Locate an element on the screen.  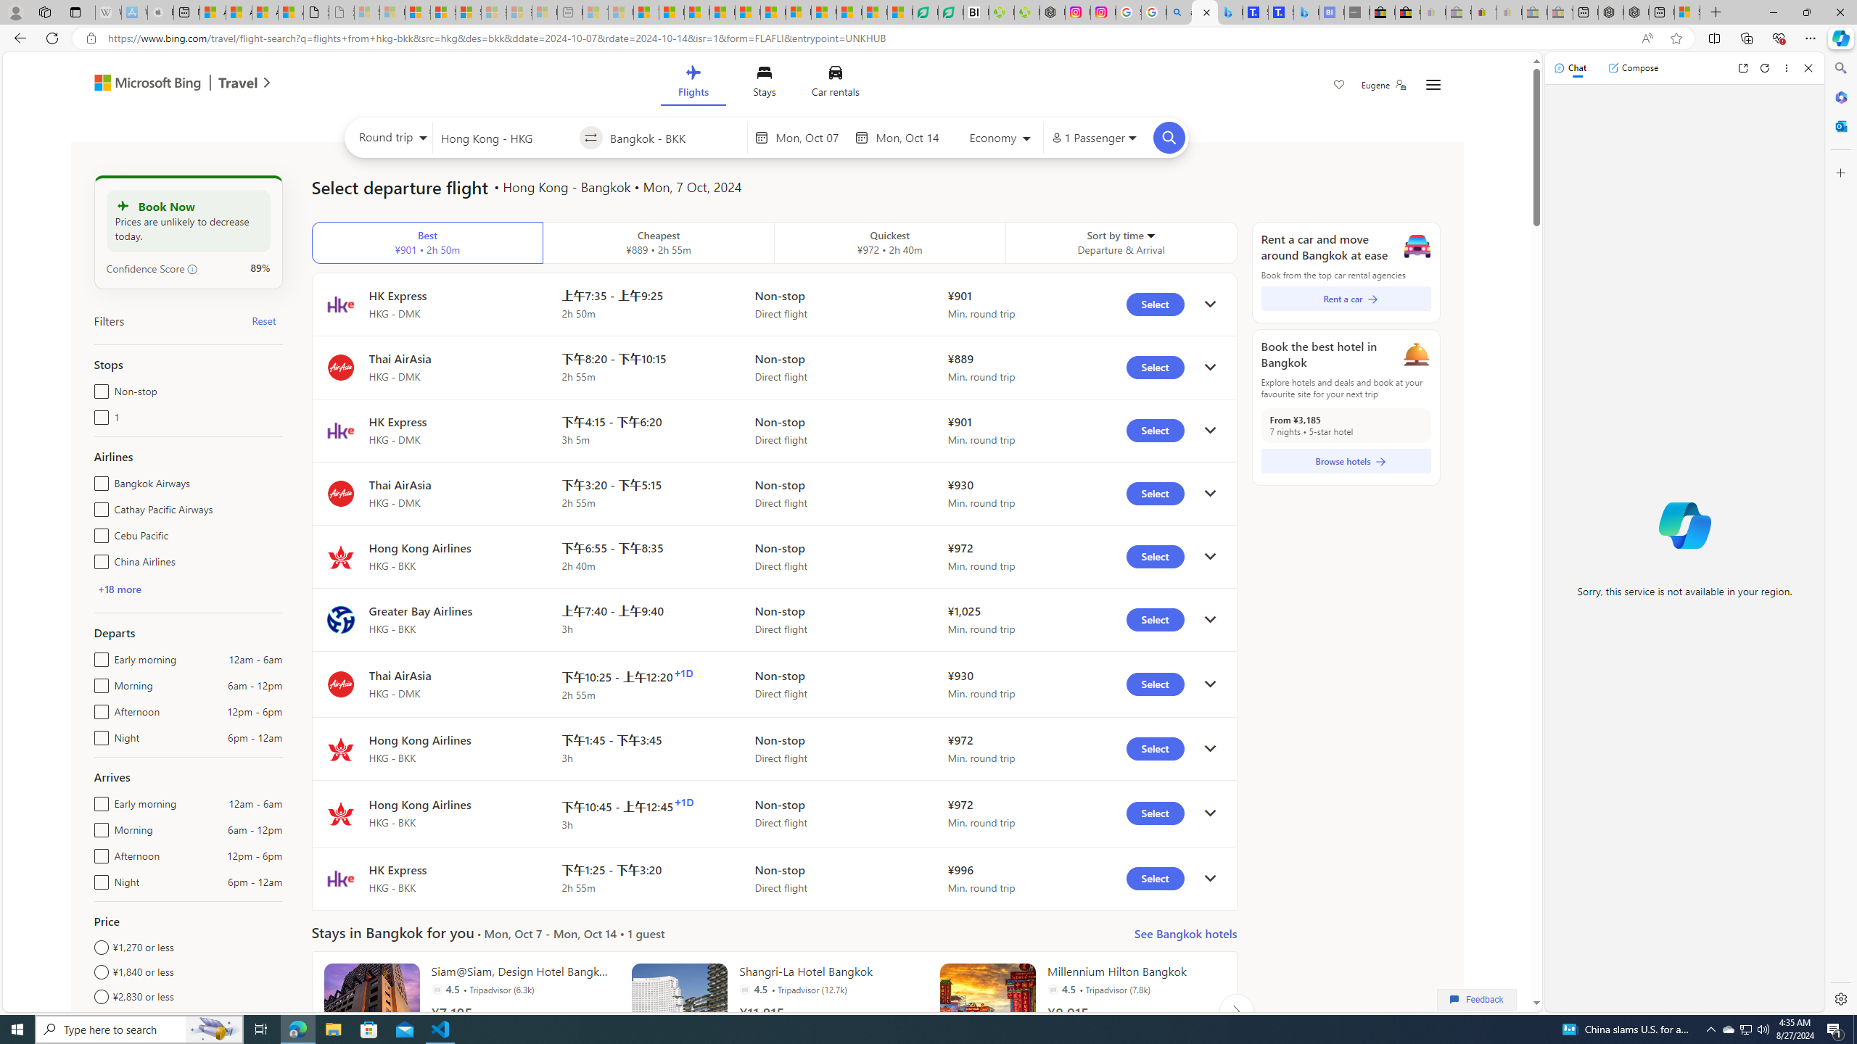
'Yard, Garden & Outdoor Living - Sleeping' is located at coordinates (1559, 12).